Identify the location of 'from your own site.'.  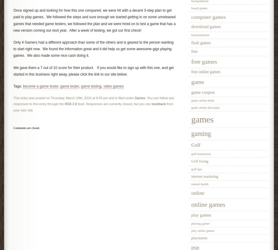
(93, 107).